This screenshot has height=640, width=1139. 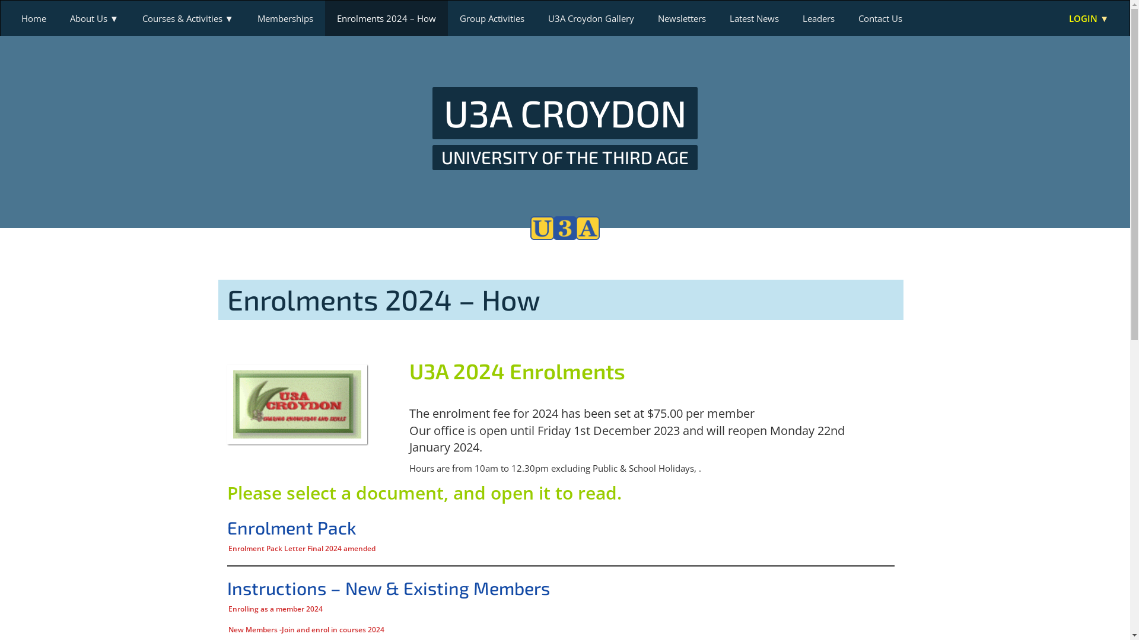 What do you see at coordinates (717, 18) in the screenshot?
I see `'Latest News'` at bounding box center [717, 18].